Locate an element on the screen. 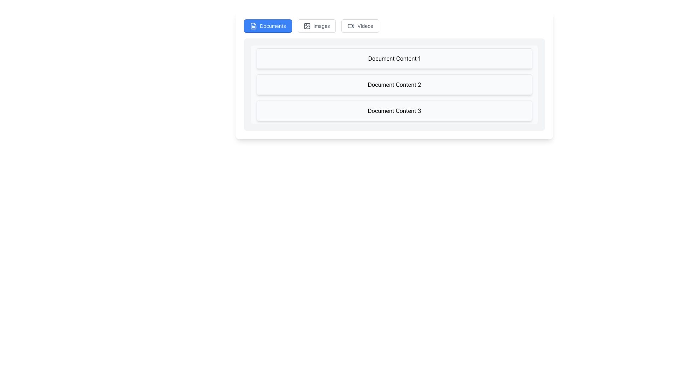 The image size is (678, 381). the decorative icon representing the 'Images' tab, which is located at the center of the navigation bar, positioned between the 'Documents' button and the 'Videos' button is located at coordinates (307, 25).